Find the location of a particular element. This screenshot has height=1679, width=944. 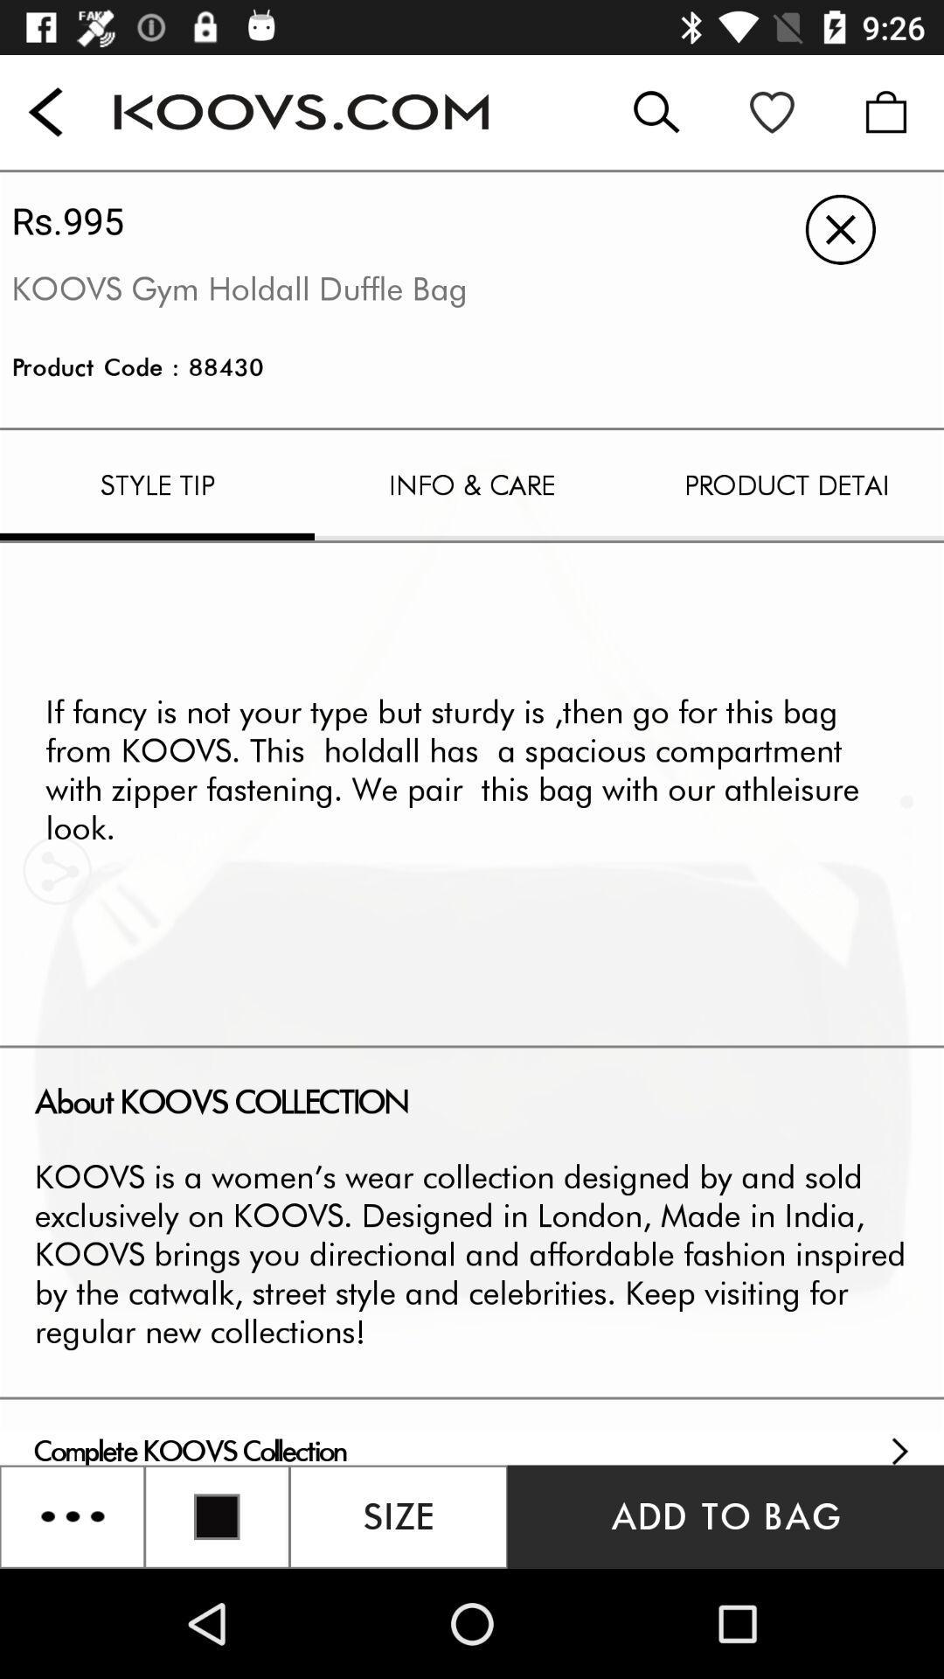

the option which is left side to size option is located at coordinates (216, 1515).